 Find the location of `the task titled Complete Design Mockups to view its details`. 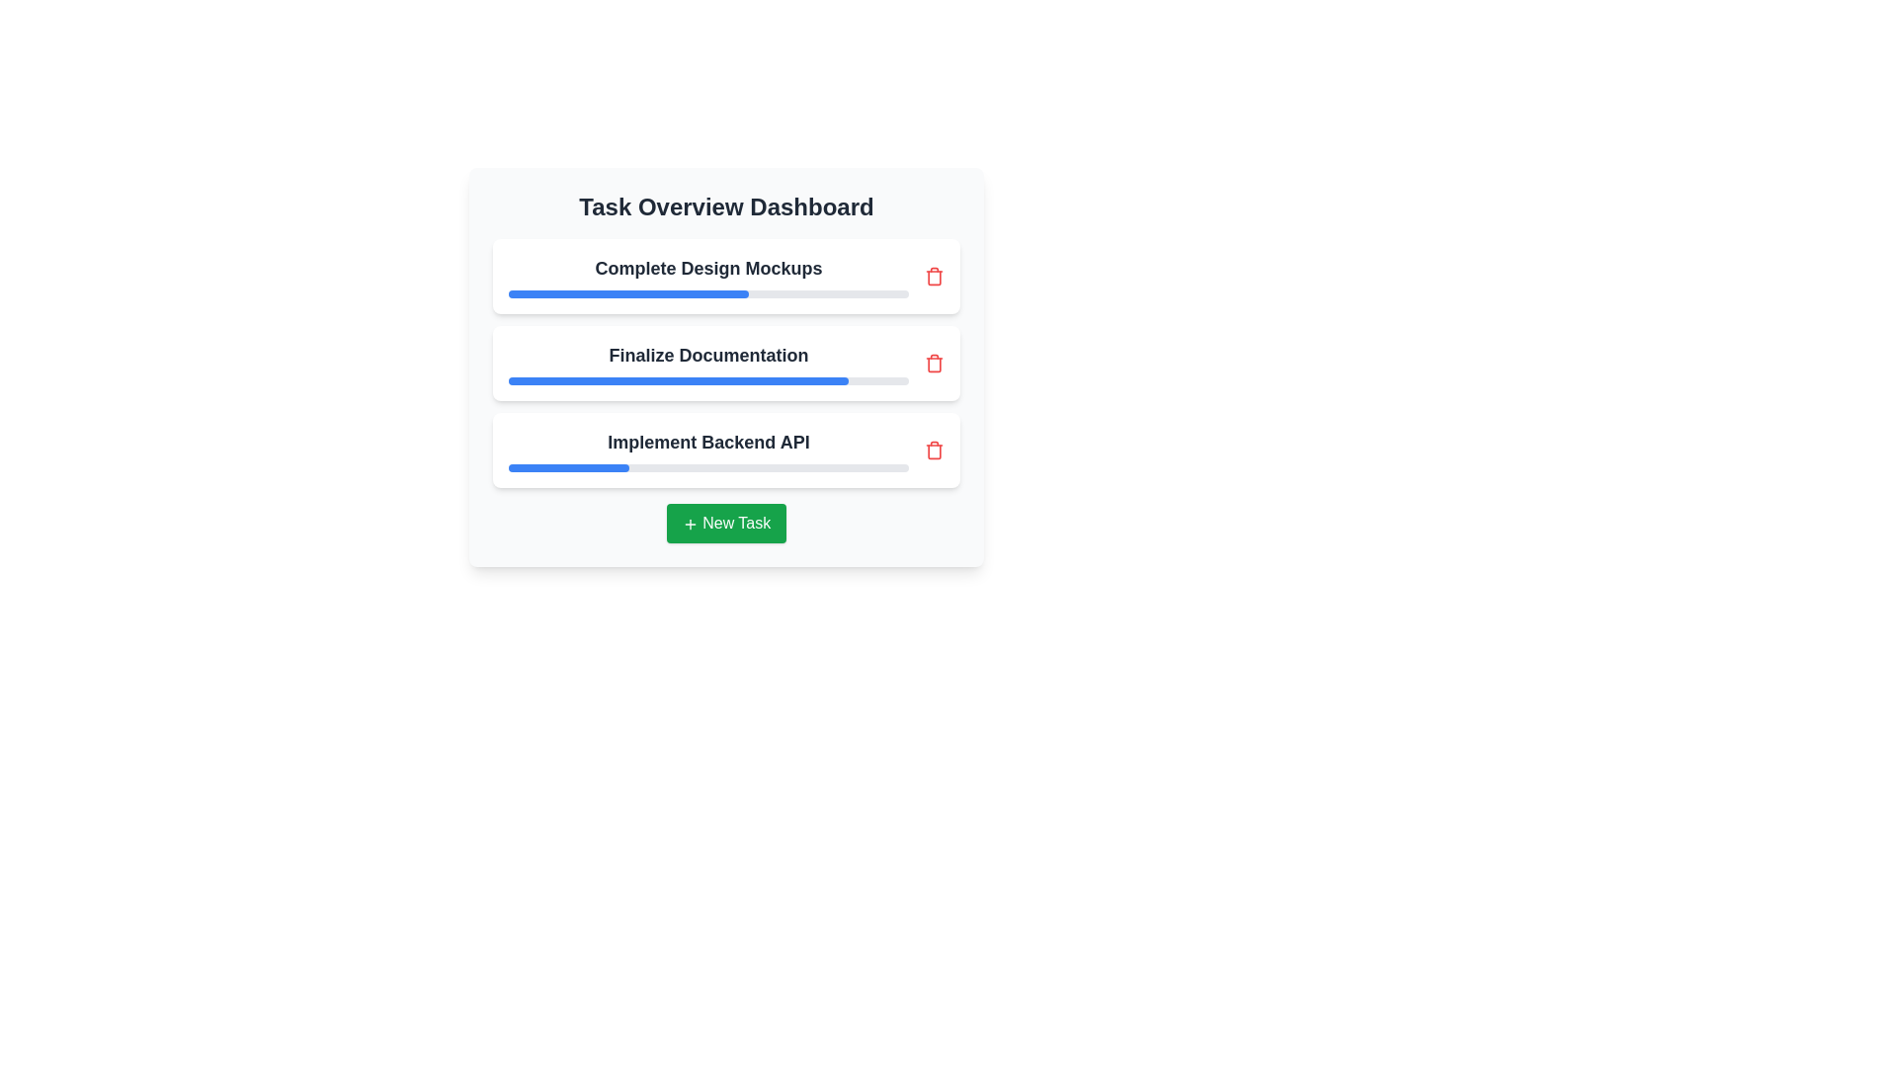

the task titled Complete Design Mockups to view its details is located at coordinates (725, 277).